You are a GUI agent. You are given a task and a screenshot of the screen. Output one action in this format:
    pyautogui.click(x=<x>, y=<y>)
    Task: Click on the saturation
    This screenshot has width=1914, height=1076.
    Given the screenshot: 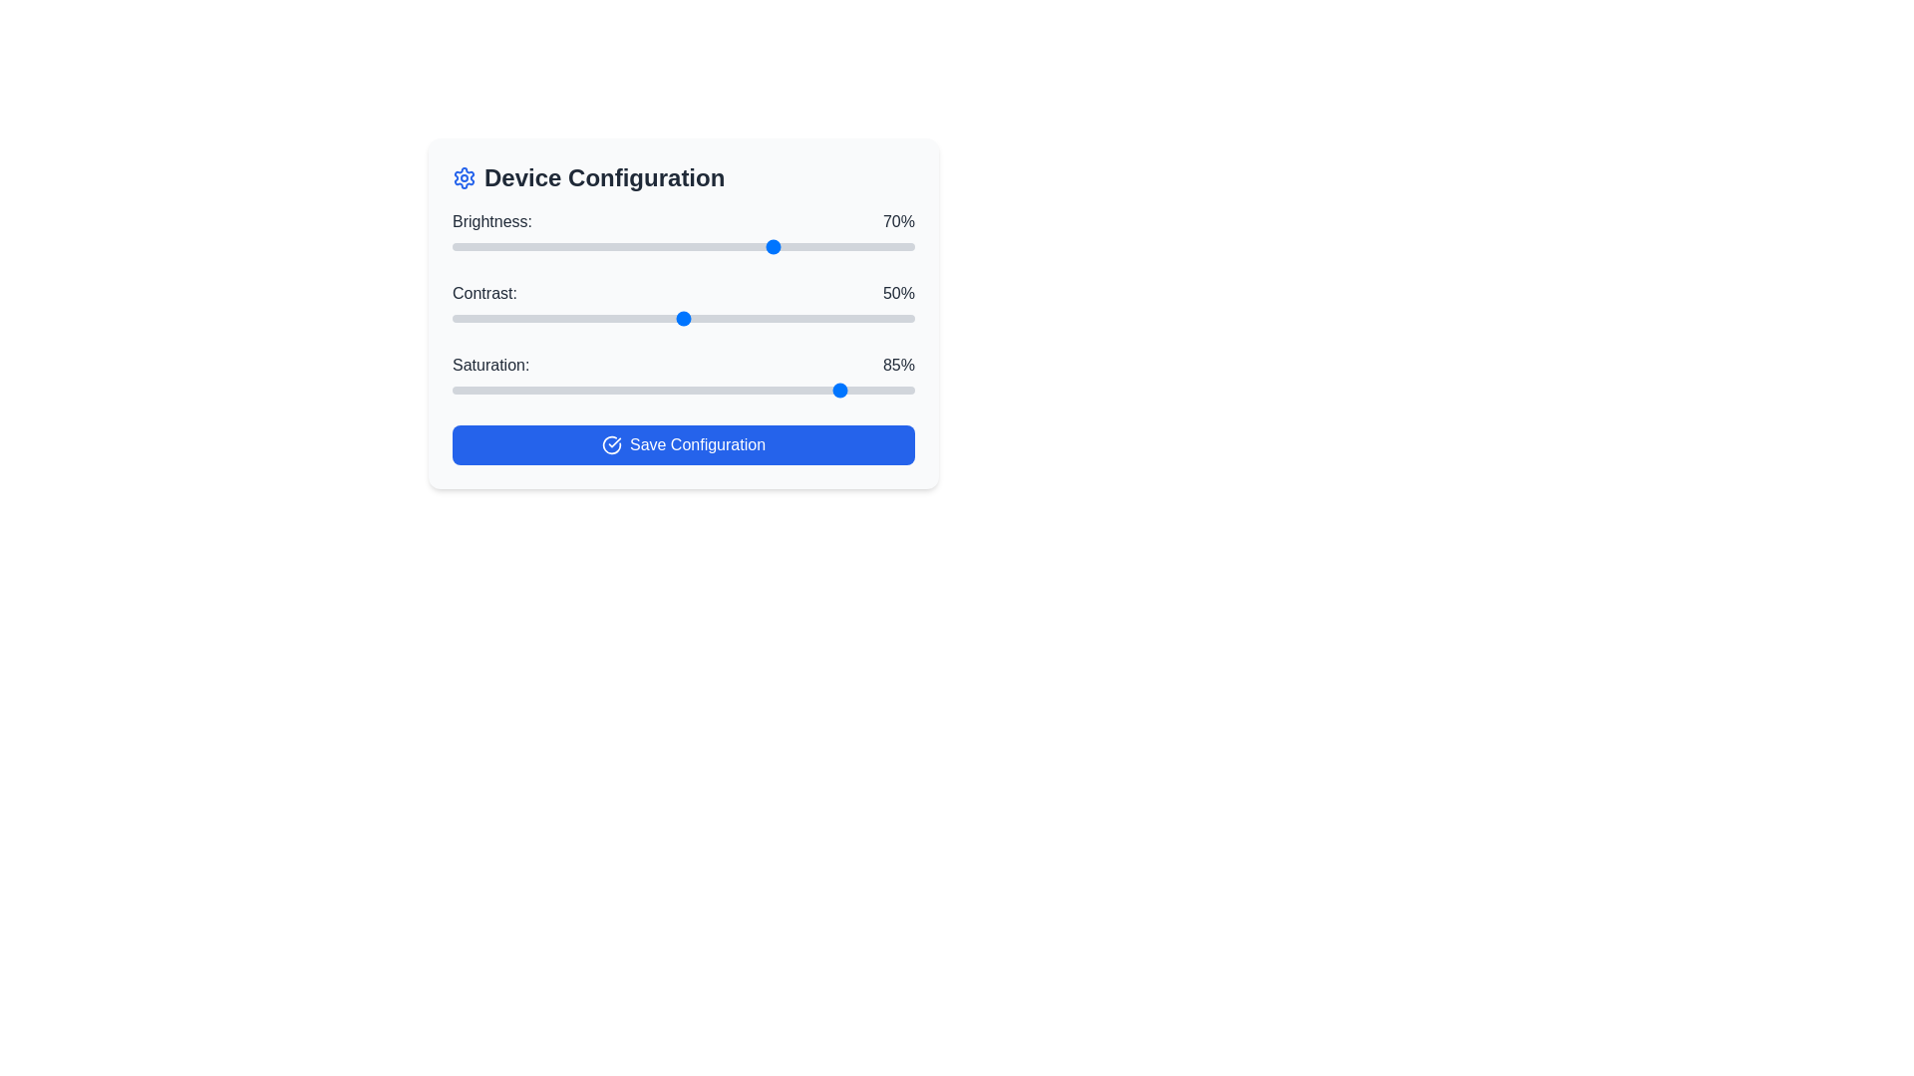 What is the action you would take?
    pyautogui.click(x=817, y=391)
    